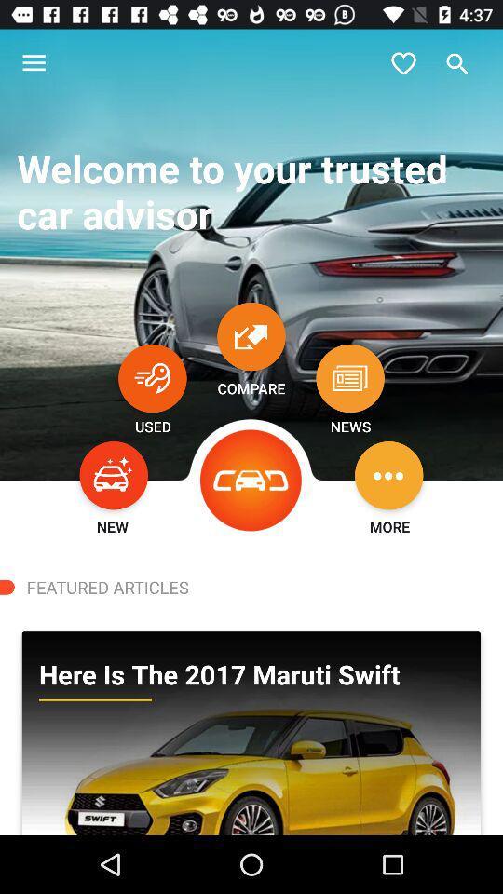  Describe the element at coordinates (114, 474) in the screenshot. I see `see new cars for sale` at that location.